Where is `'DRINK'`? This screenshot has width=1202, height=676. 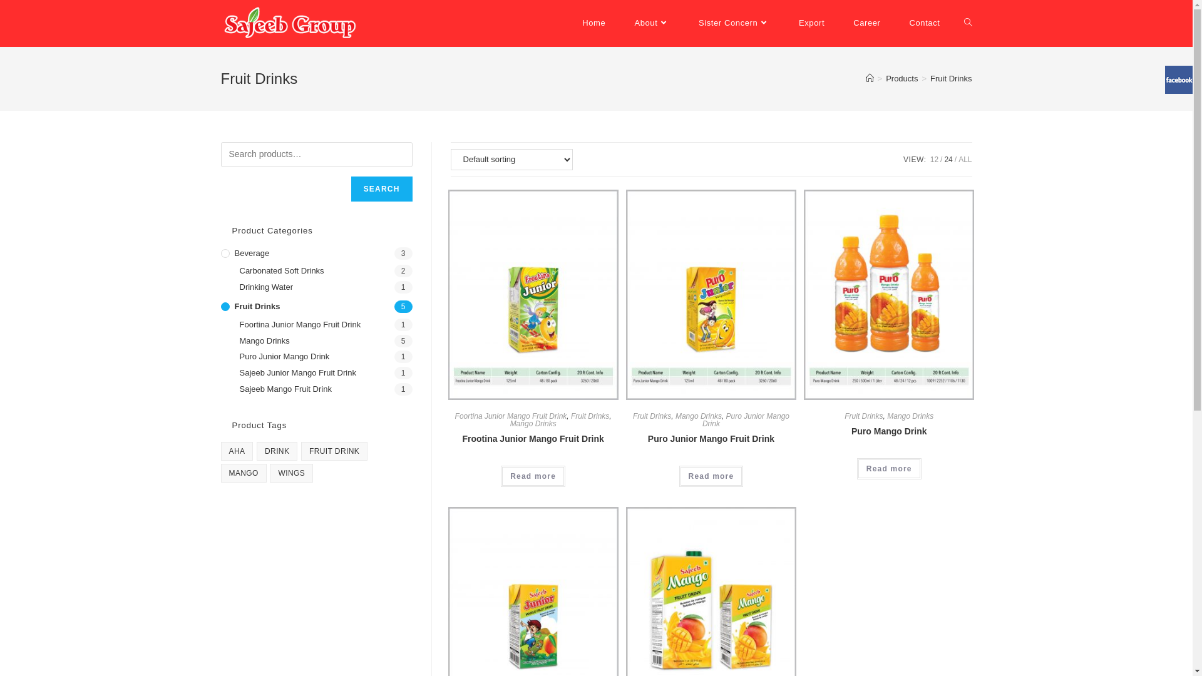 'DRINK' is located at coordinates (276, 451).